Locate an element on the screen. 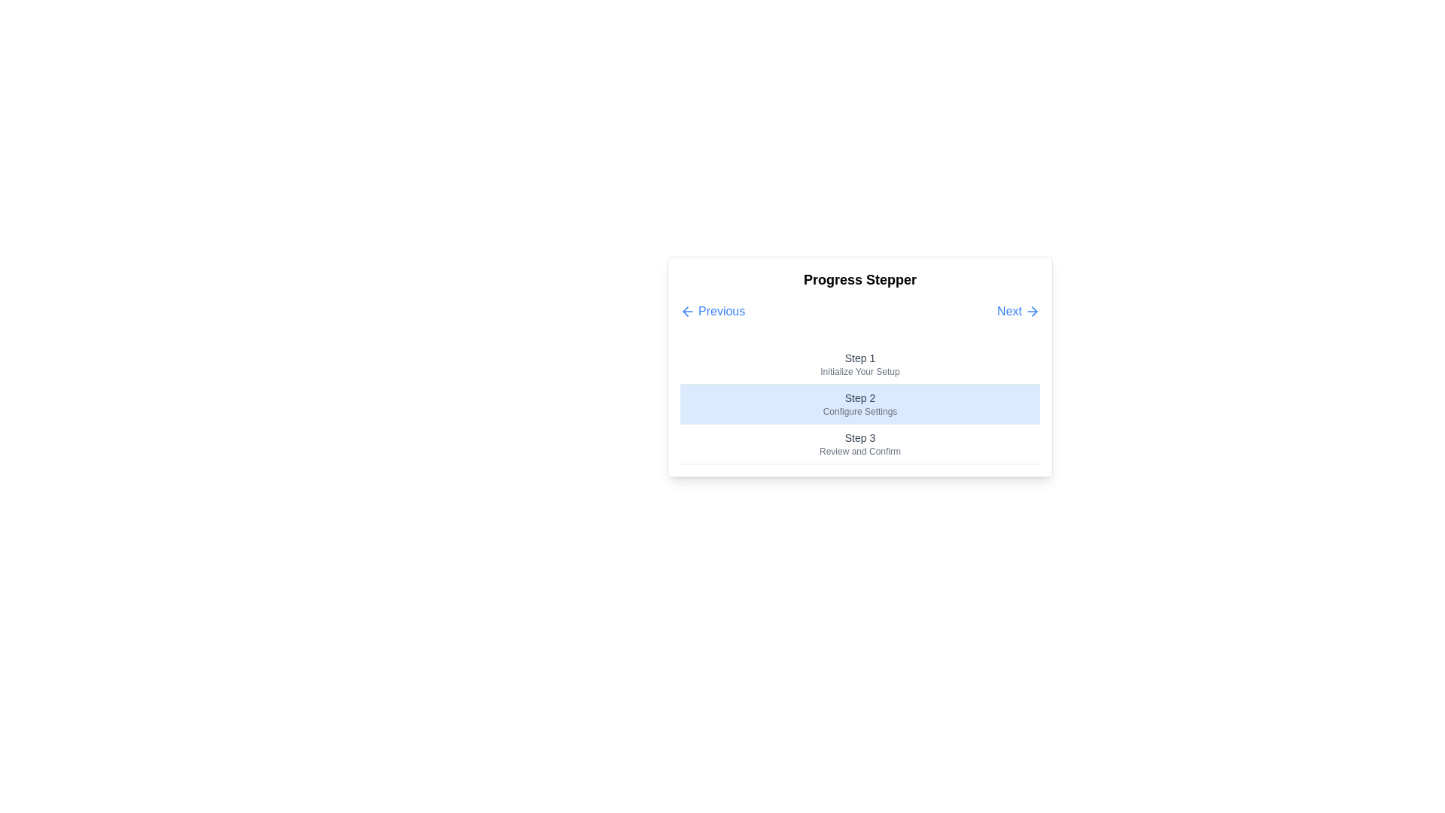 Image resolution: width=1445 pixels, height=813 pixels. the Navigation bar with buttons labeled 'Previous' and 'Next' in the 'Progress Stepper' interface is located at coordinates (859, 310).